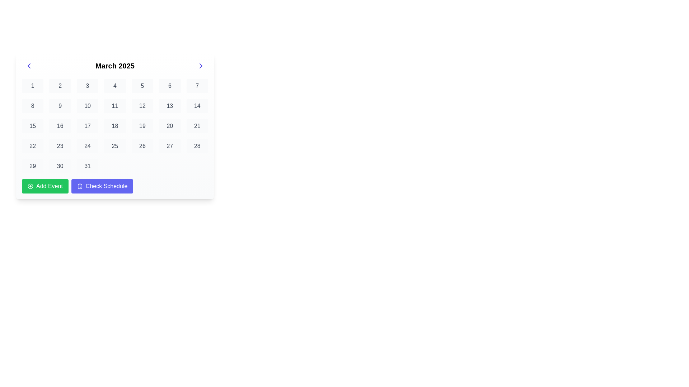  Describe the element at coordinates (87, 146) in the screenshot. I see `the calendar day button representing a specific date in the fourth row and fourth column` at that location.